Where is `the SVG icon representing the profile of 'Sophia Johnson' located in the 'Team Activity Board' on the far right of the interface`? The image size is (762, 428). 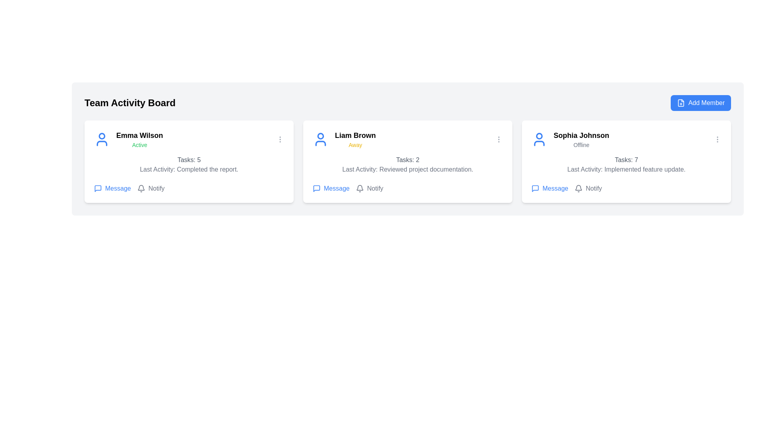
the SVG icon representing the profile of 'Sophia Johnson' located in the 'Team Activity Board' on the far right of the interface is located at coordinates (539, 139).